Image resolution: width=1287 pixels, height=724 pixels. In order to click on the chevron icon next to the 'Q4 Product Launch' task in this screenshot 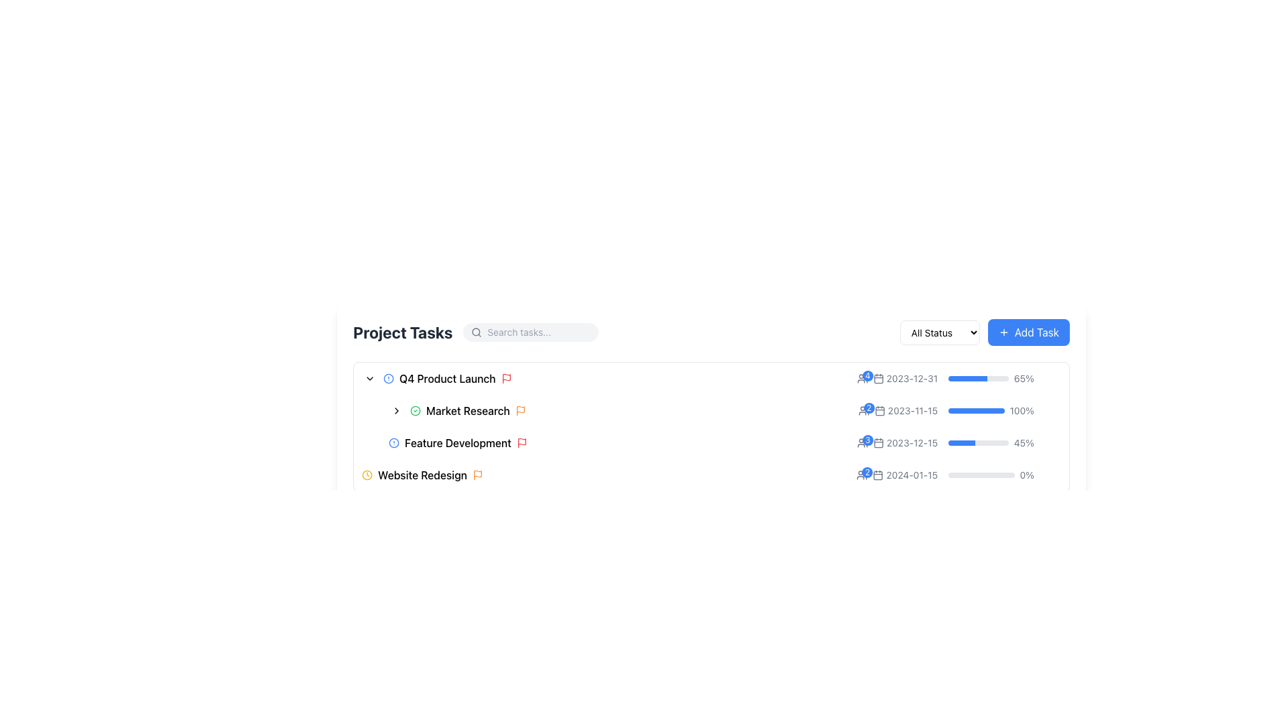, I will do `click(370, 378)`.